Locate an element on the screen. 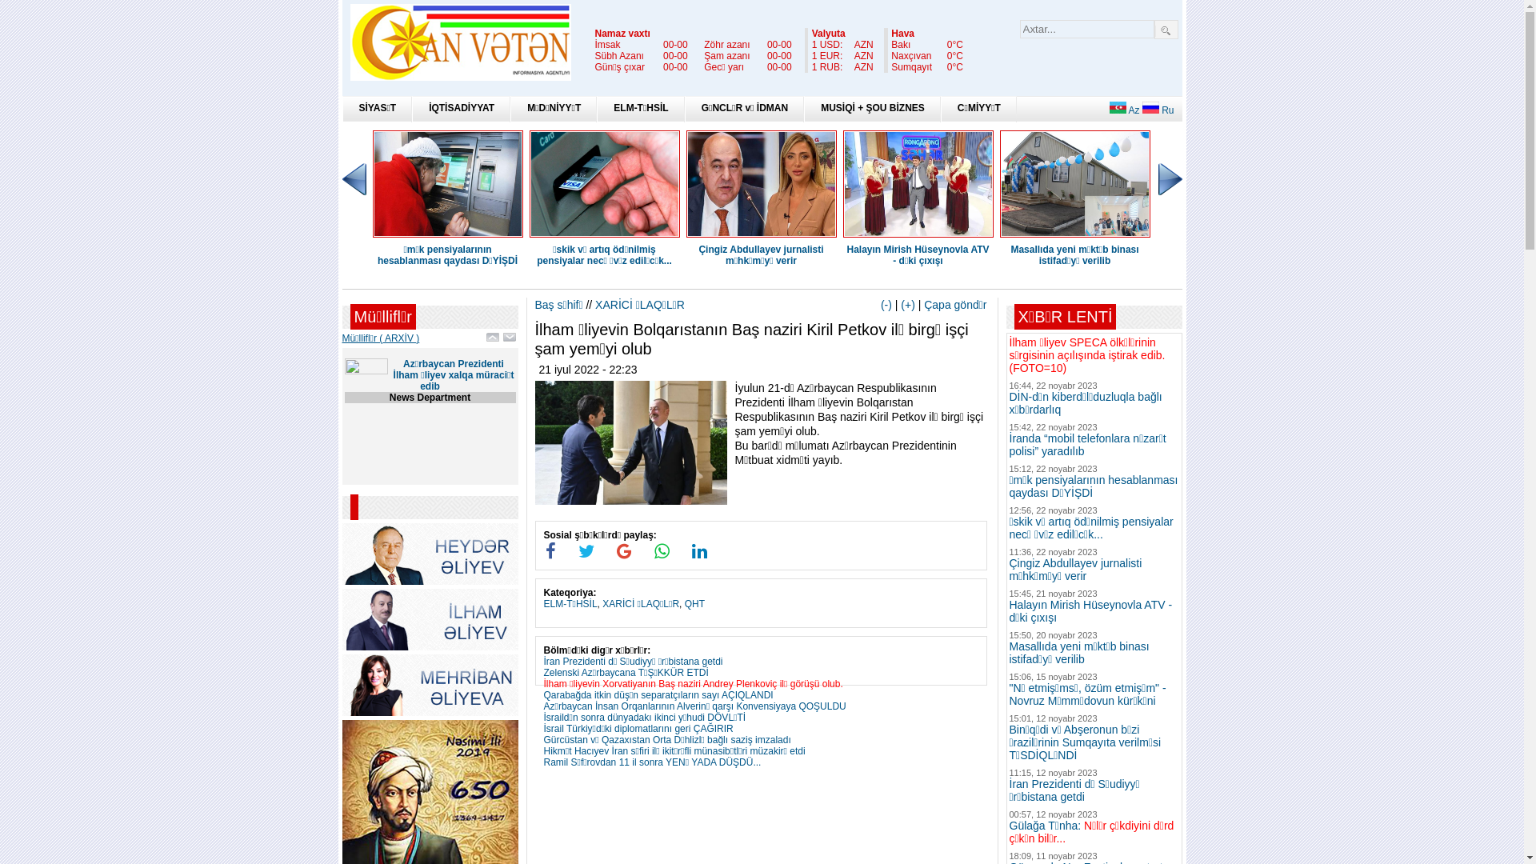 This screenshot has width=1536, height=864. 'Az' is located at coordinates (1124, 110).